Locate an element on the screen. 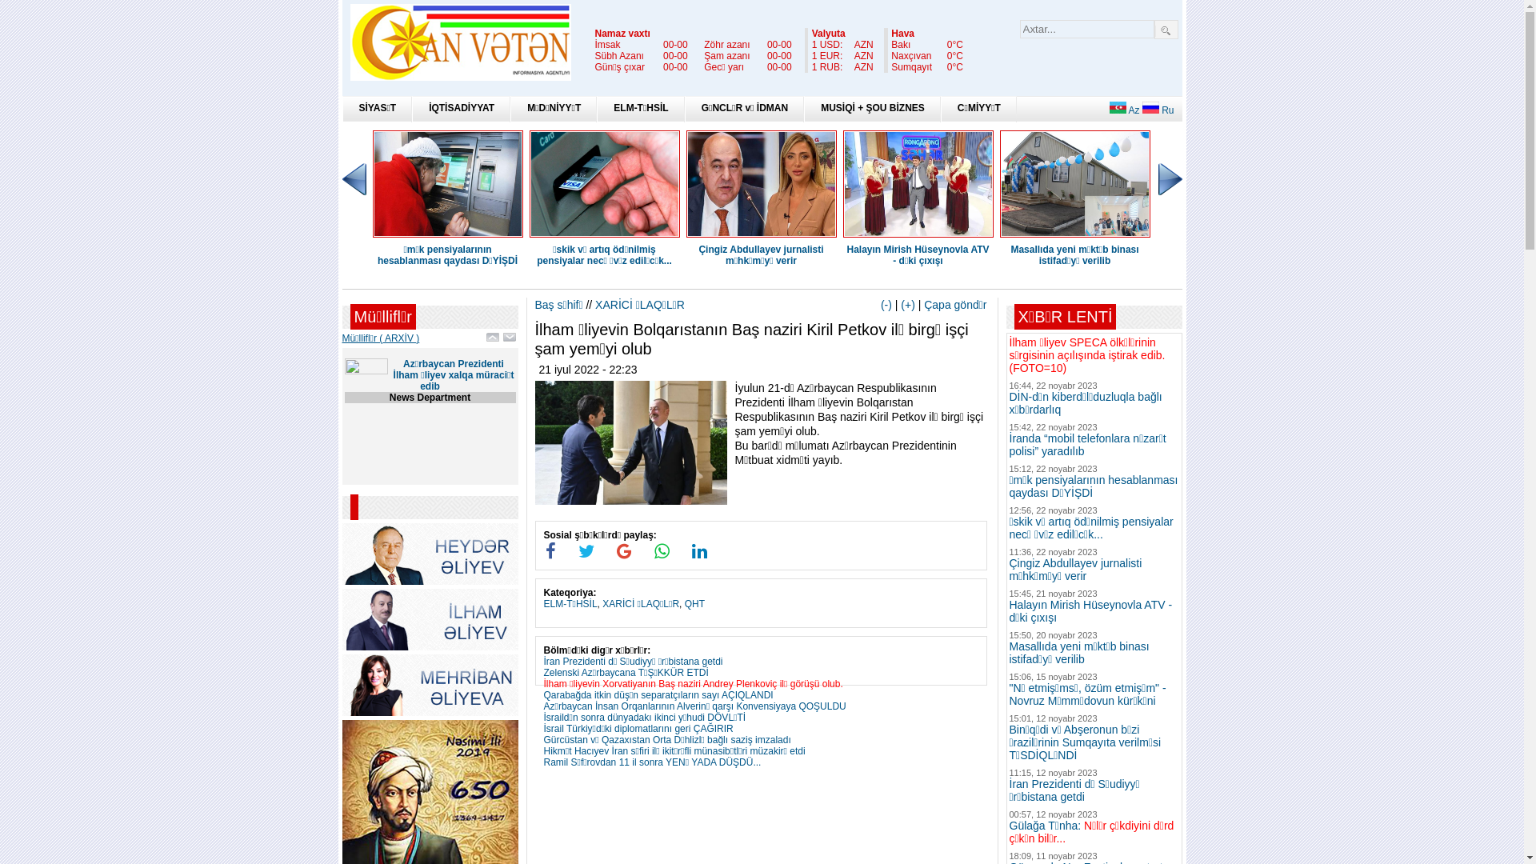 This screenshot has width=1536, height=864. 'Az' is located at coordinates (1124, 110).